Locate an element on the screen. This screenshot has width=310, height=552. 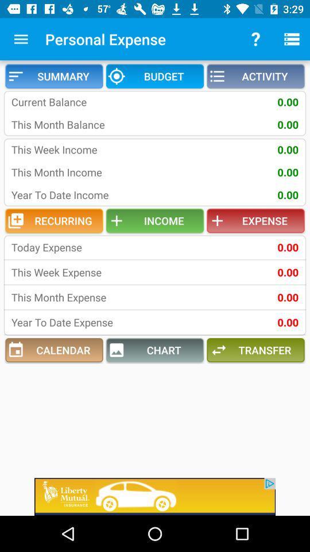
item next to income is located at coordinates (53, 220).